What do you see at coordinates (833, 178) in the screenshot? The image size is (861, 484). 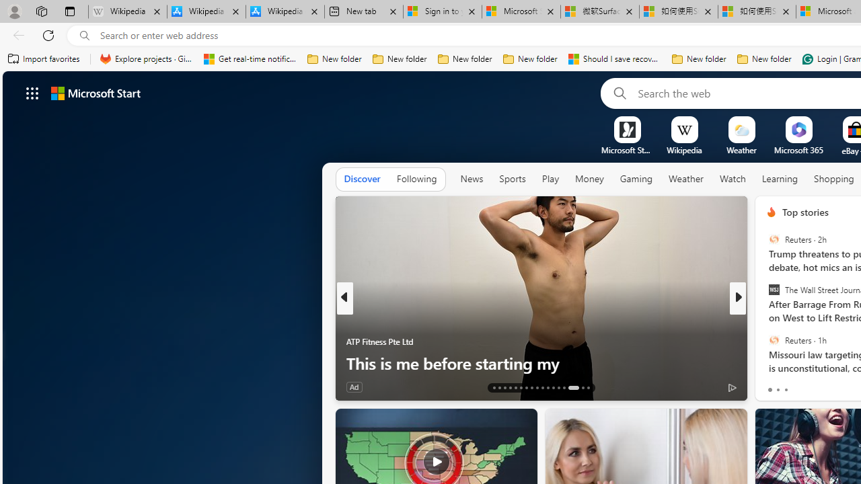 I see `'Shopping'` at bounding box center [833, 178].